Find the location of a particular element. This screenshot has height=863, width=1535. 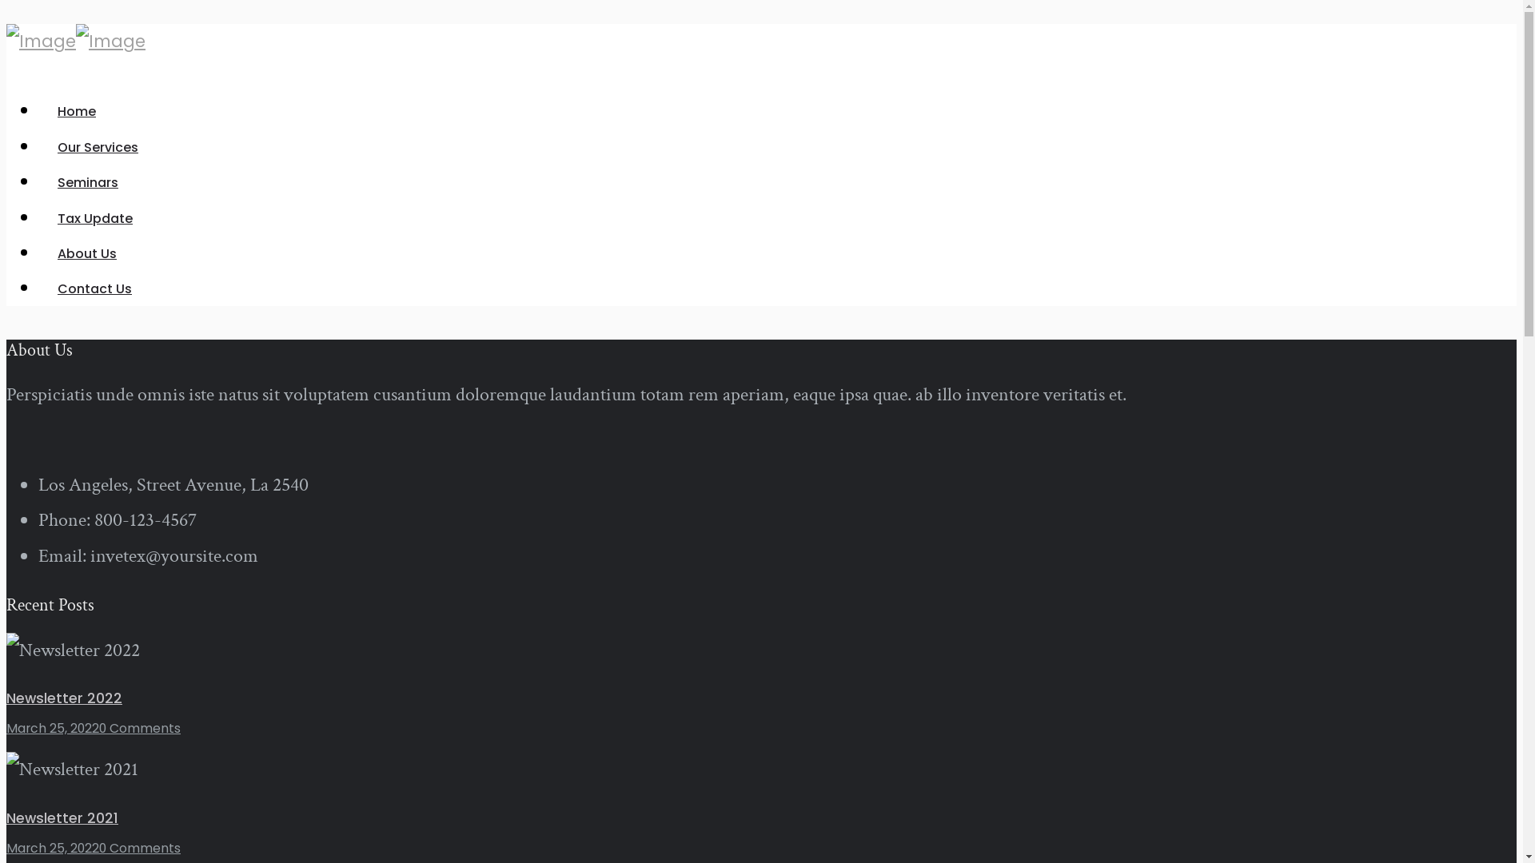

'Seminars' is located at coordinates (87, 181).